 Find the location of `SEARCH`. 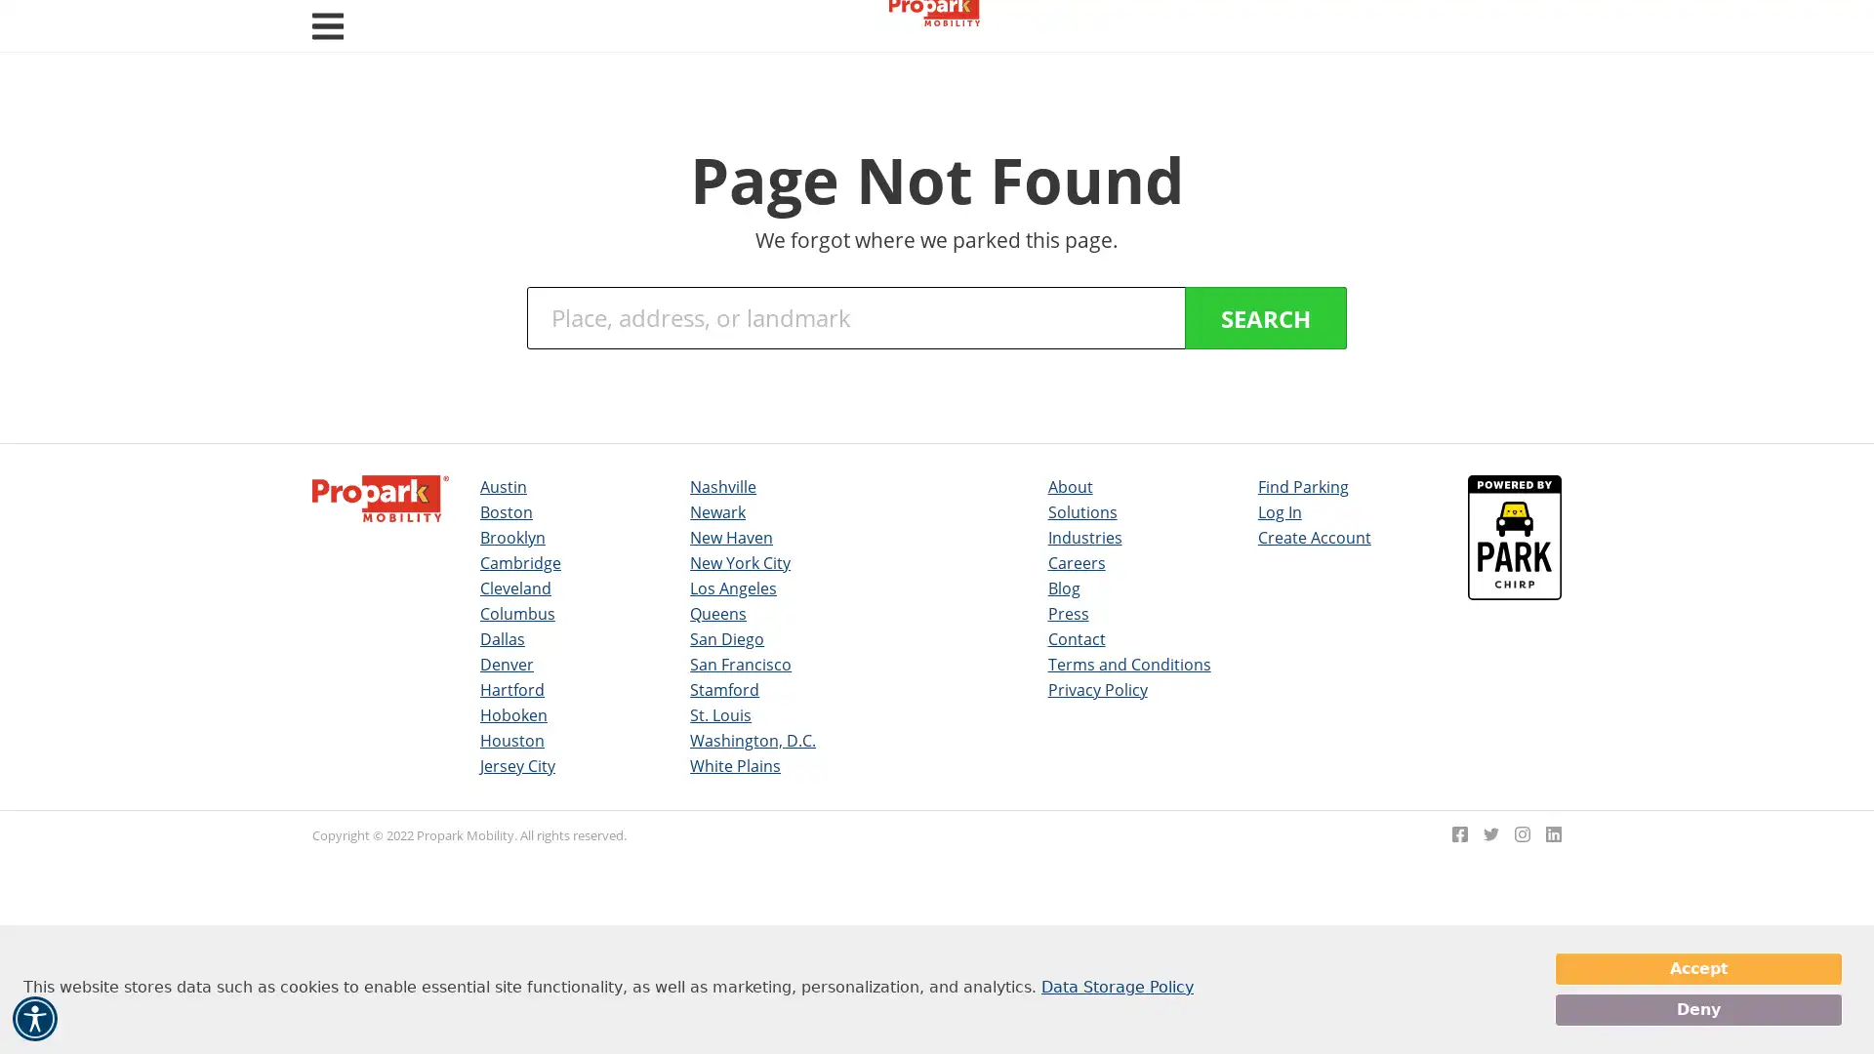

SEARCH is located at coordinates (1265, 315).